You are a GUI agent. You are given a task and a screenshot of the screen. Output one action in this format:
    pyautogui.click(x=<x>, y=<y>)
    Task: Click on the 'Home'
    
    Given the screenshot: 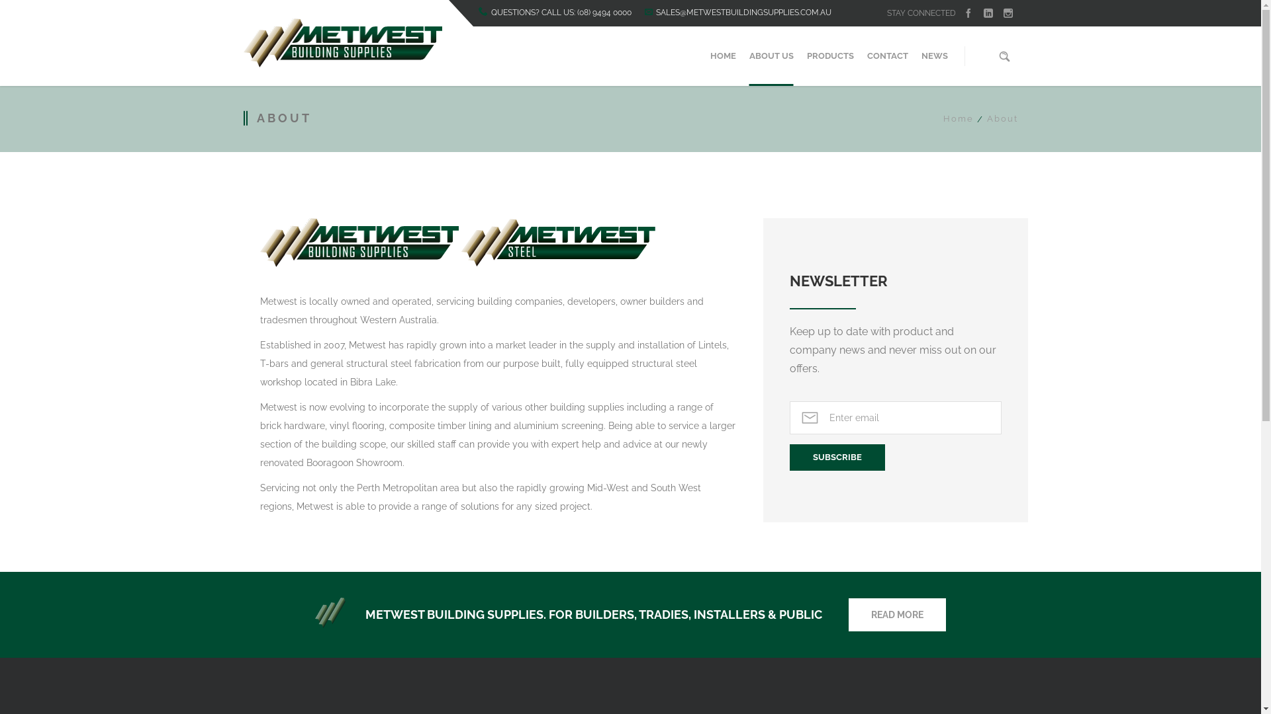 What is the action you would take?
    pyautogui.click(x=942, y=118)
    